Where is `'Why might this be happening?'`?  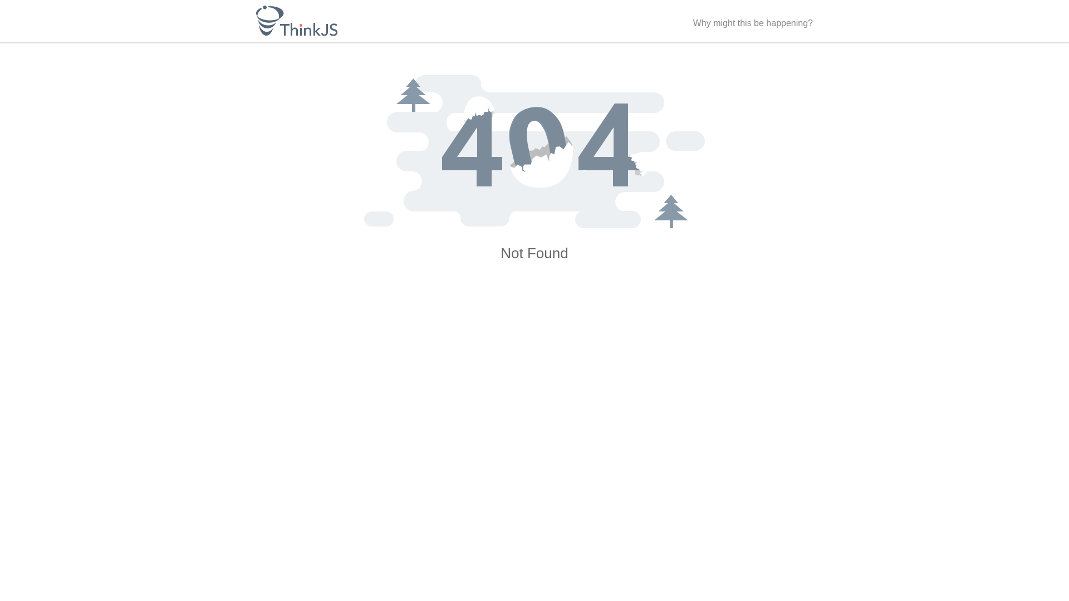
'Why might this be happening?' is located at coordinates (753, 23).